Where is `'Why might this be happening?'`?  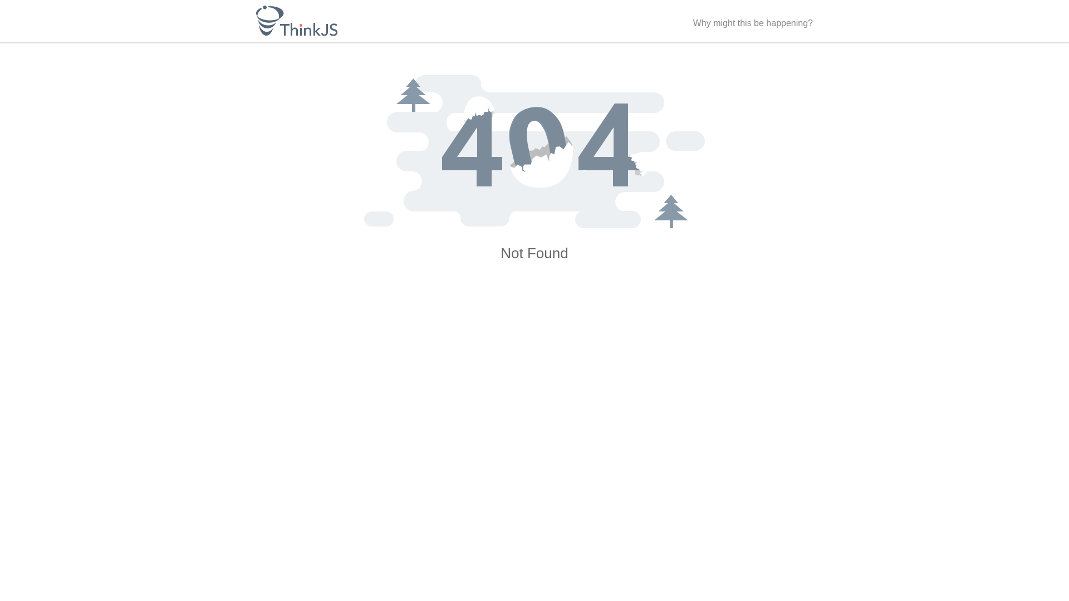
'Why might this be happening?' is located at coordinates (753, 23).